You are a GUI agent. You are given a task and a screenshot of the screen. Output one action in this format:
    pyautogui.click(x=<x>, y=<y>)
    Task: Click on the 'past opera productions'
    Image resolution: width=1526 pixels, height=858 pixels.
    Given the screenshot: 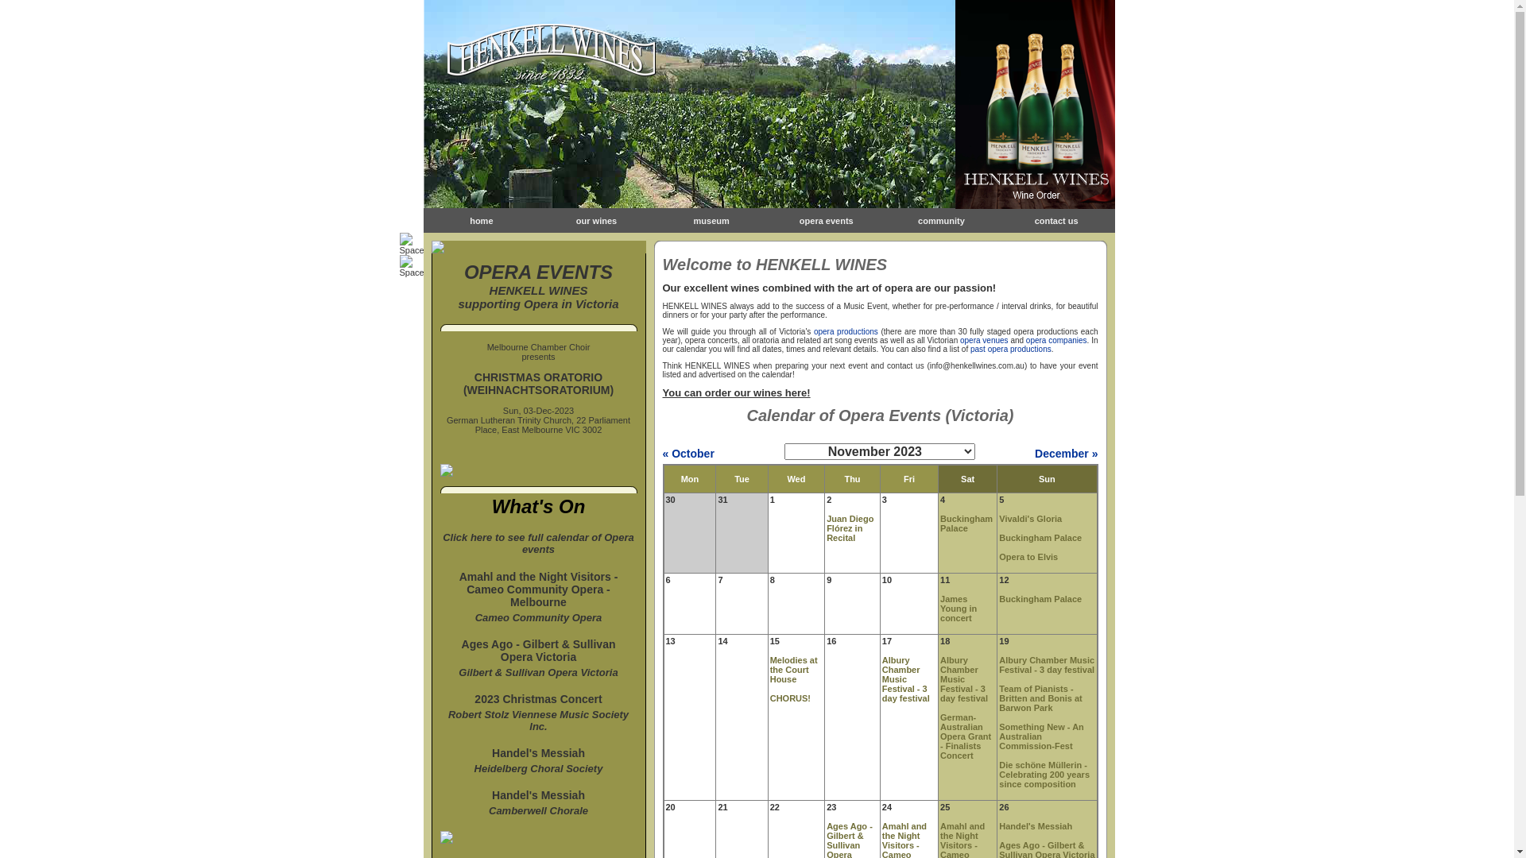 What is the action you would take?
    pyautogui.click(x=1010, y=348)
    